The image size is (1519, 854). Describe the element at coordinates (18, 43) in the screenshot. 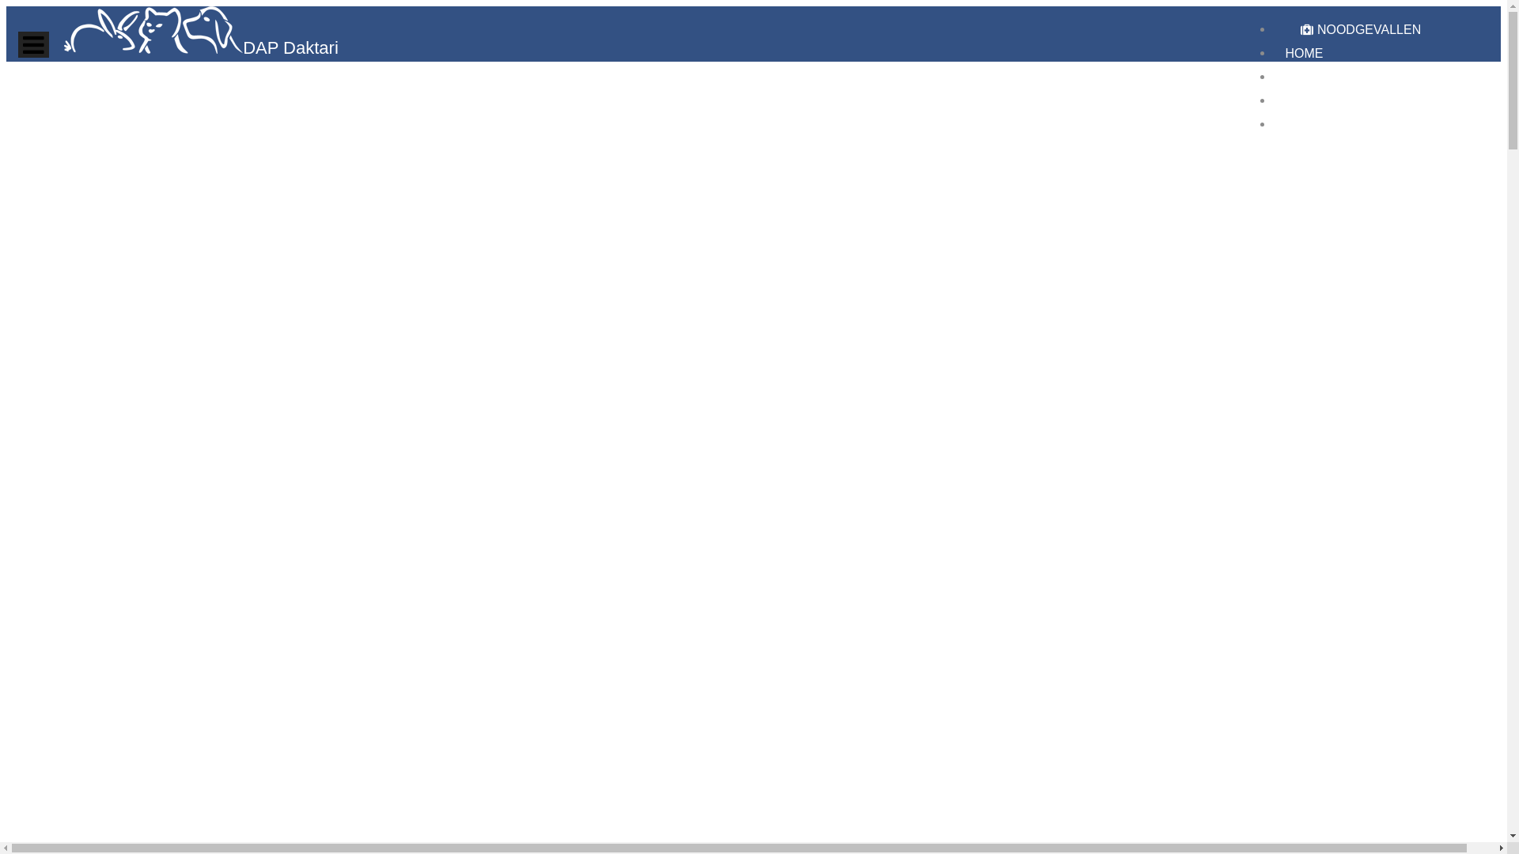

I see `'Toggle Navigation'` at that location.